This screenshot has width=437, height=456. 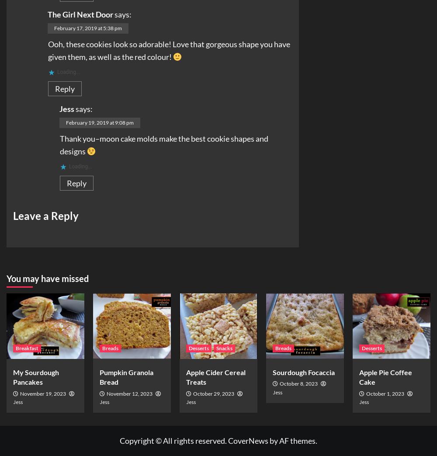 What do you see at coordinates (48, 50) in the screenshot?
I see `'Ooh, these cookies look so adorable! Love that gorgeous shape you have given them, as well as the red colour!'` at bounding box center [48, 50].